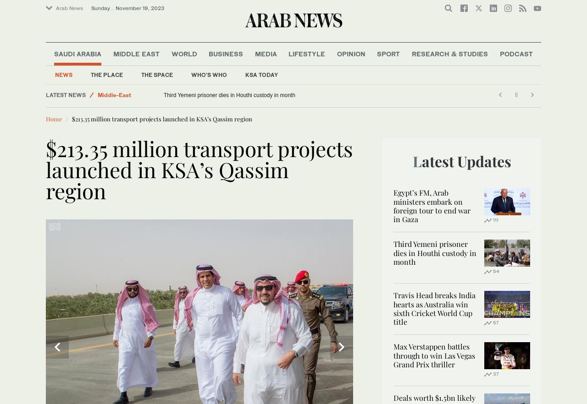 Image resolution: width=587 pixels, height=404 pixels. Describe the element at coordinates (431, 206) in the screenshot. I see `'Egypt’s FM, Arab ministers embark on foreign tour to end war in Gaza'` at that location.